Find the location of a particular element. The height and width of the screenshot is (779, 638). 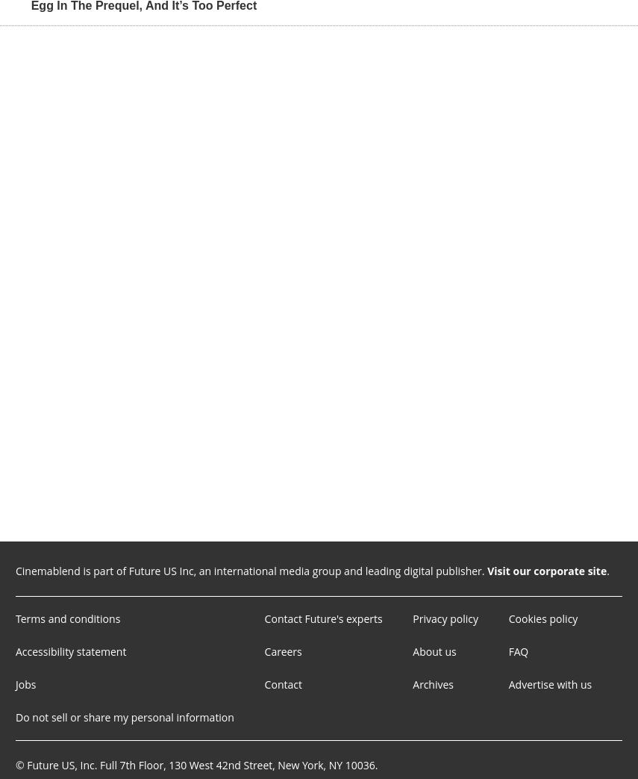

'Do not sell or share my personal information' is located at coordinates (16, 716).